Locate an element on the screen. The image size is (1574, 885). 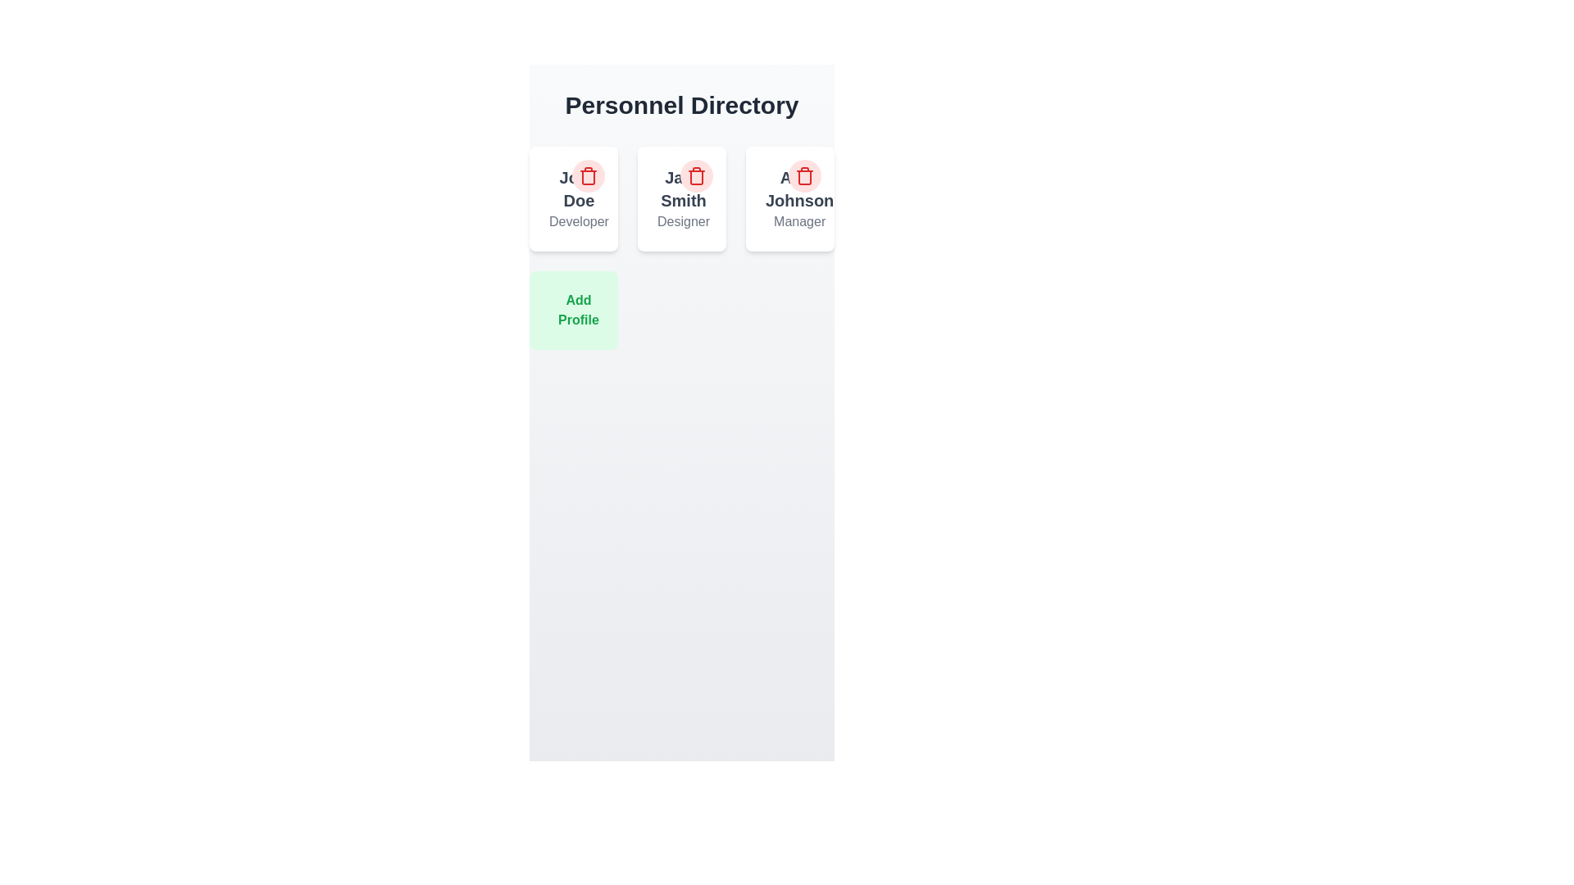
the profile card text element displaying 'John Doe' and their role 'Developer' in the personnel directory is located at coordinates (574, 198).